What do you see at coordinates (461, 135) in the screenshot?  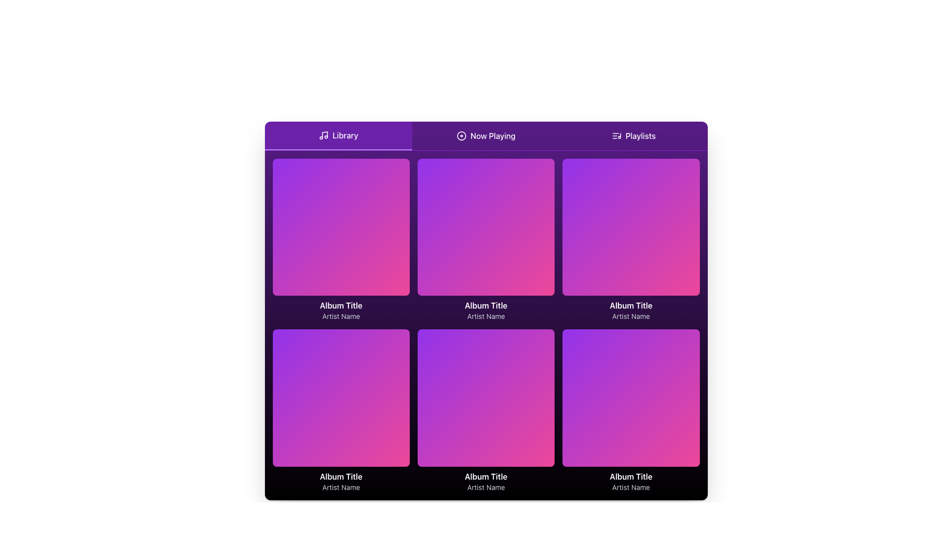 I see `the larger circular shape within the 'Now Playing' icon in the header of the application interface` at bounding box center [461, 135].